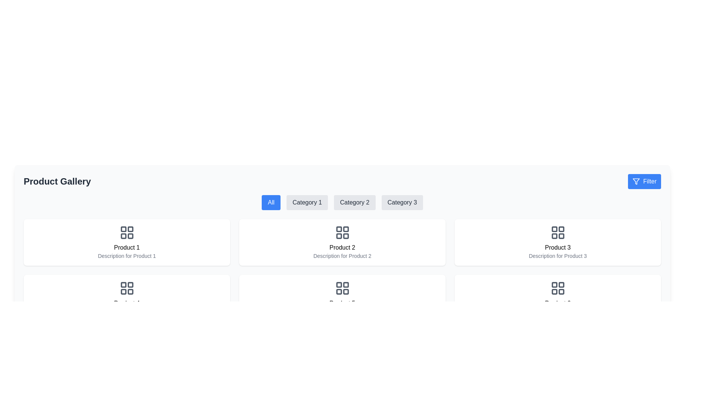 The height and width of the screenshot is (406, 722). I want to click on the text label that serves as the title for the product, located below the top-centered grid icon in the first product column of the gallery, right above the description text 'Description for Product 1', so click(127, 248).